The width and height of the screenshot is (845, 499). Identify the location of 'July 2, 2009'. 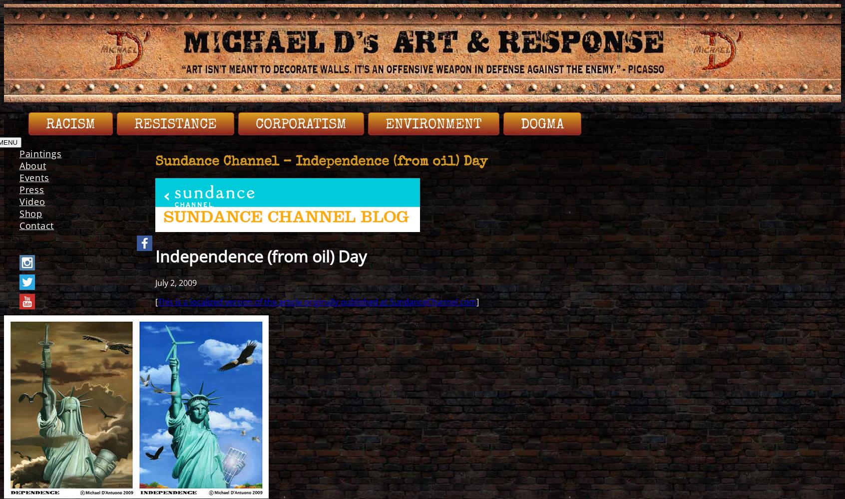
(175, 282).